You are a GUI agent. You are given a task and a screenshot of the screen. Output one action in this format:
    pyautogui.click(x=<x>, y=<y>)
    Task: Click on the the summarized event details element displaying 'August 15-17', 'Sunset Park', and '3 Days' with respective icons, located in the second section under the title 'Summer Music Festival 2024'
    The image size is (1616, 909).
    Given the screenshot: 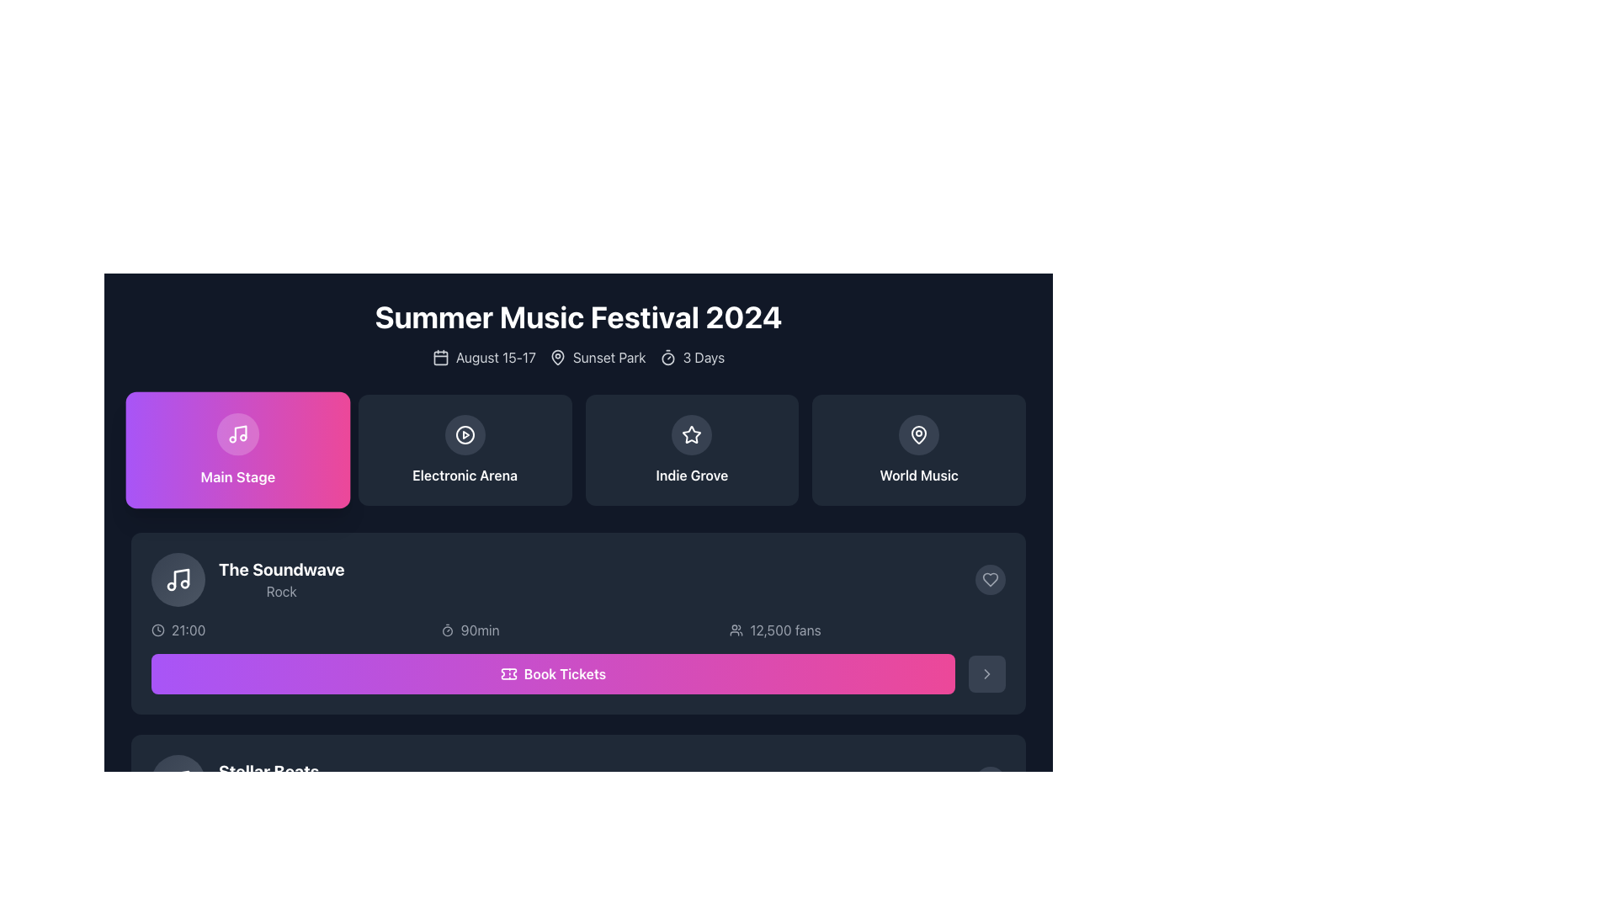 What is the action you would take?
    pyautogui.click(x=578, y=356)
    